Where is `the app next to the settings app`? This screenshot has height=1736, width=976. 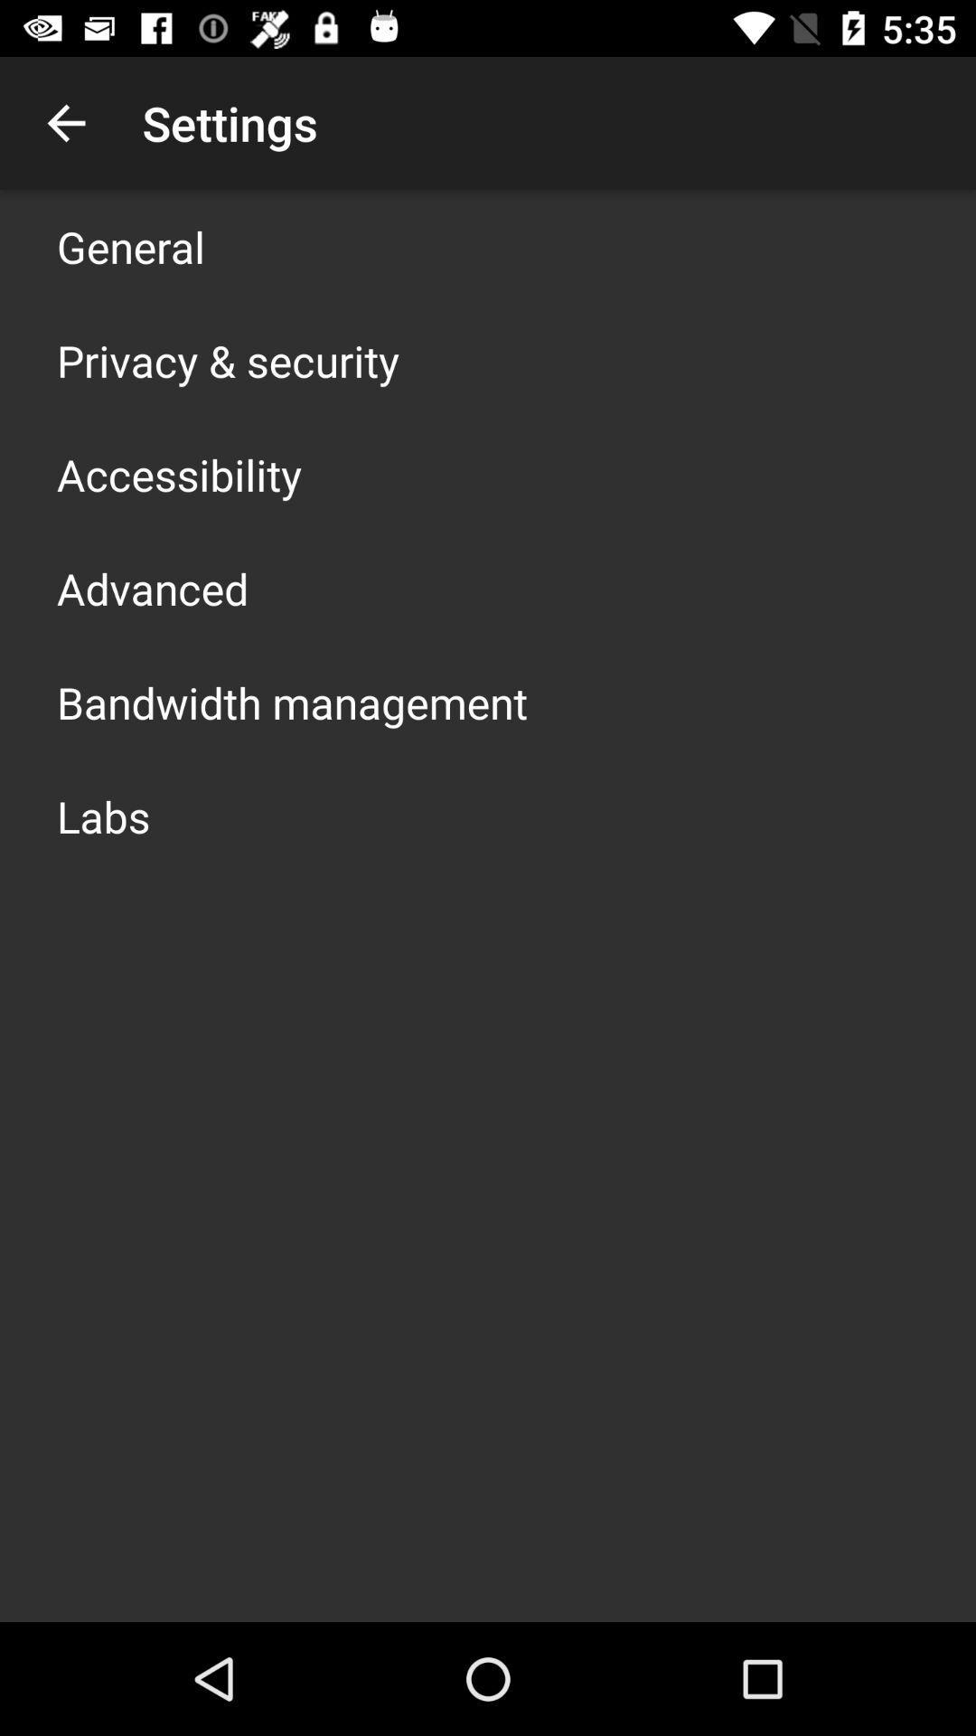 the app next to the settings app is located at coordinates (65, 122).